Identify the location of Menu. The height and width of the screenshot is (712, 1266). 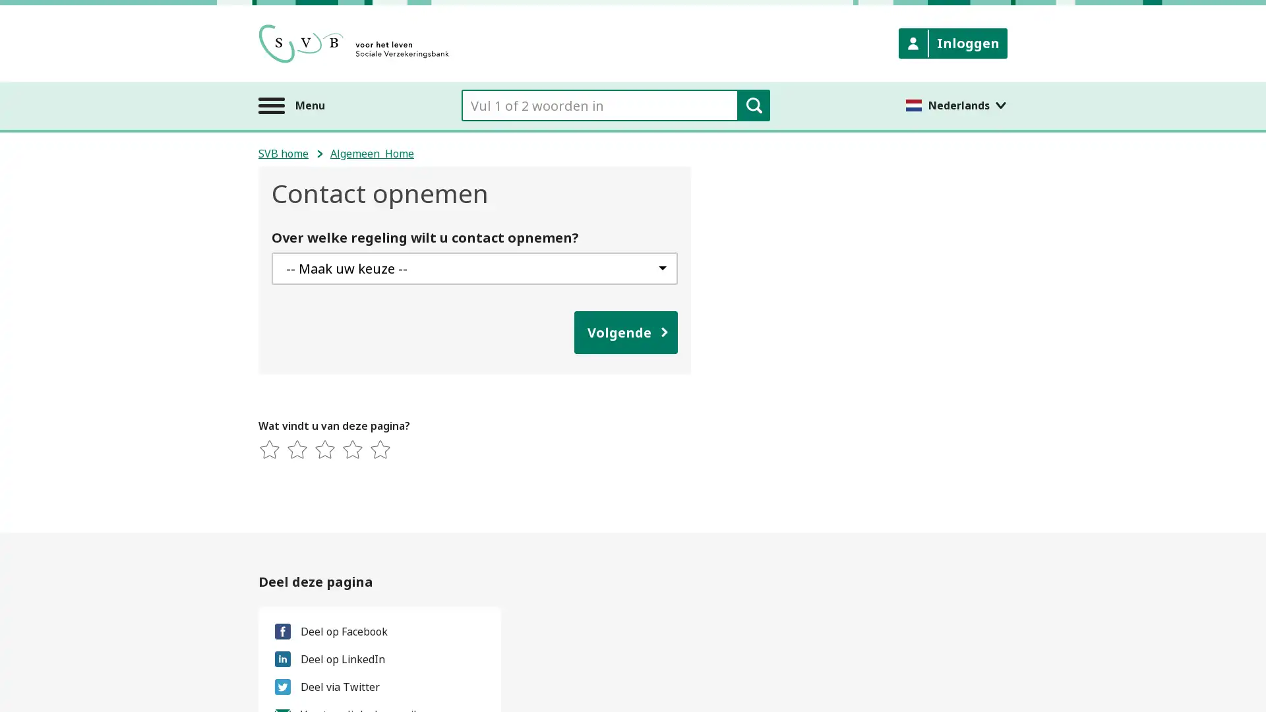
(291, 104).